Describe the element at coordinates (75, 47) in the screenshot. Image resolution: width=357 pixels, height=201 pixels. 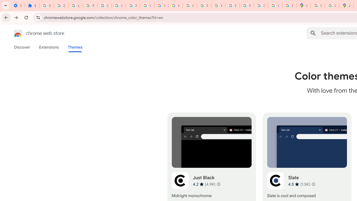
I see `'Themes'` at that location.